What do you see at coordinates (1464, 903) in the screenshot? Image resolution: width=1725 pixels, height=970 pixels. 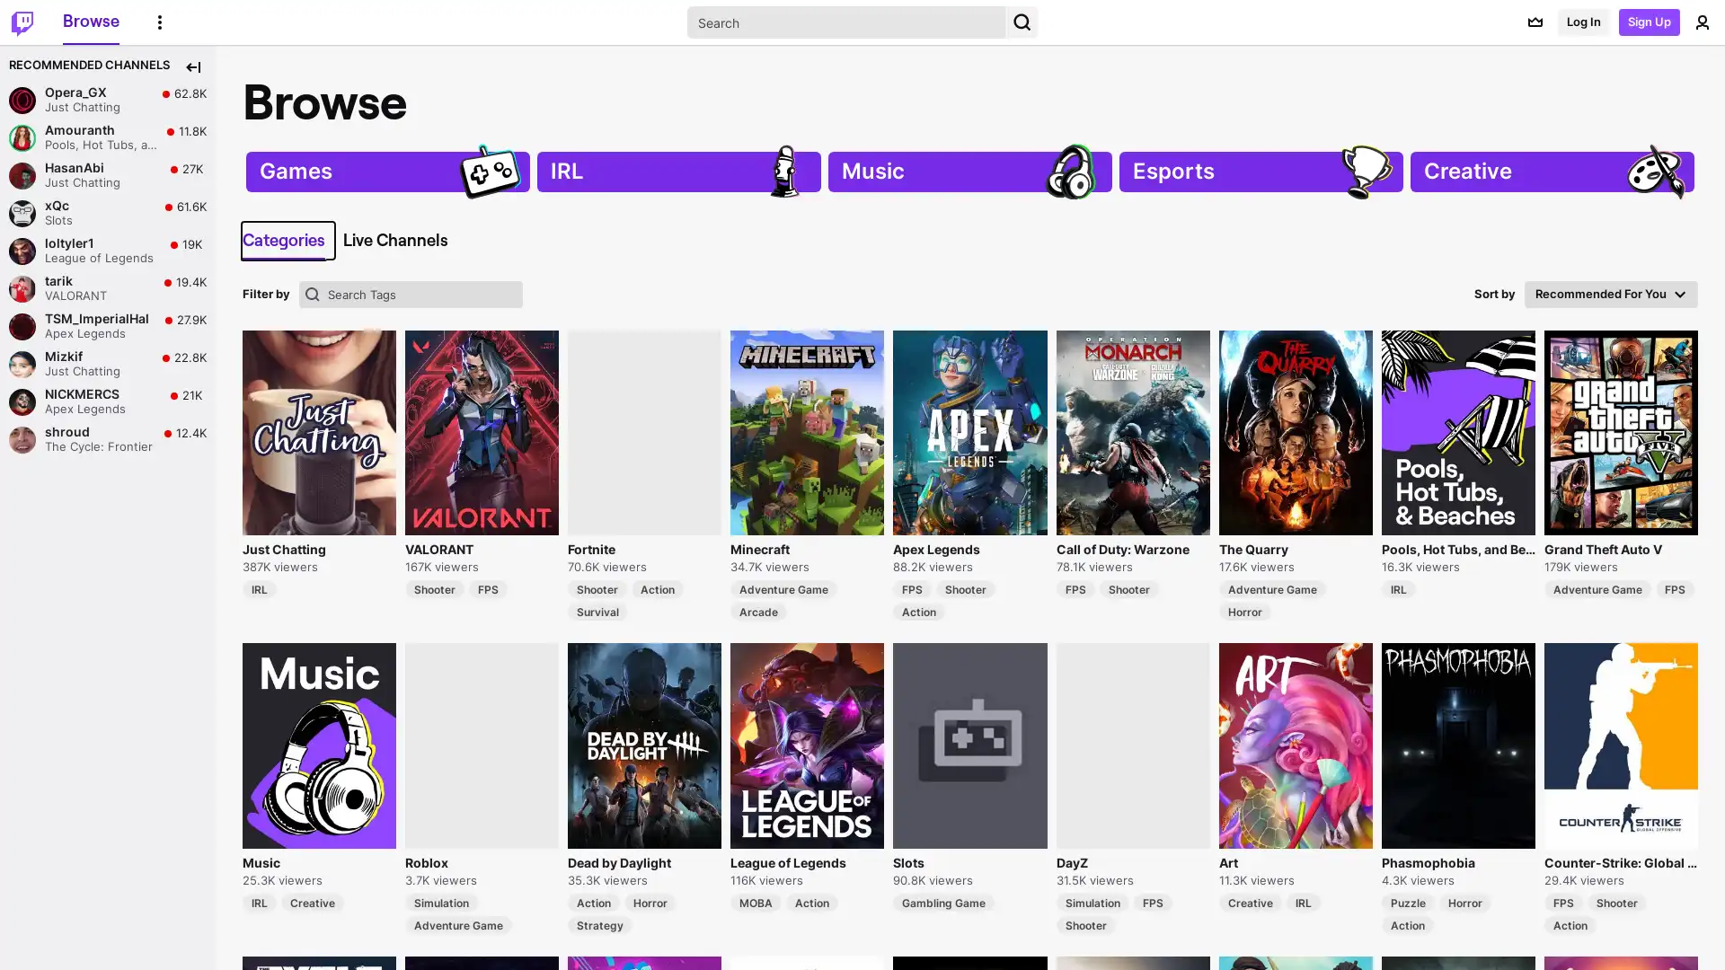 I see `Horror` at bounding box center [1464, 903].